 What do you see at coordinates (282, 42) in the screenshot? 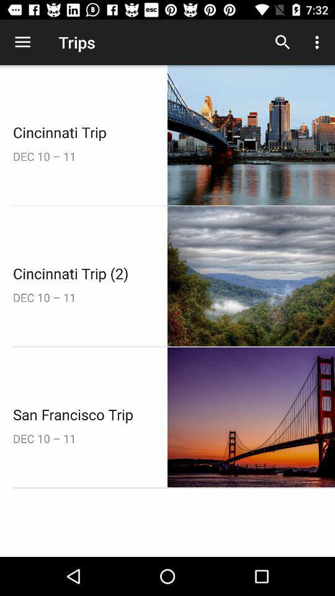
I see `item next to the trips` at bounding box center [282, 42].